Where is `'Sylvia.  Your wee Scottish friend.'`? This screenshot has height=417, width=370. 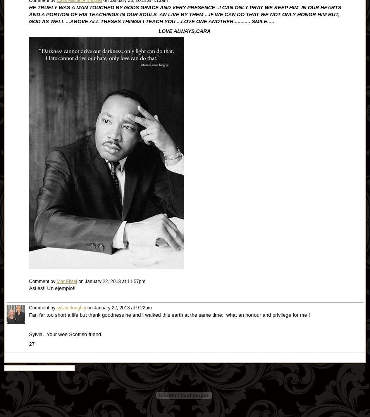 'Sylvia.  Your wee Scottish friend.' is located at coordinates (65, 333).